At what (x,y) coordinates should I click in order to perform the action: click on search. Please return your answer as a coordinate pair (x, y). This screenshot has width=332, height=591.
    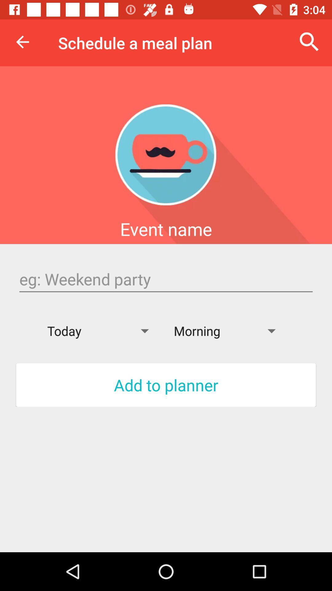
    Looking at the image, I should click on (166, 279).